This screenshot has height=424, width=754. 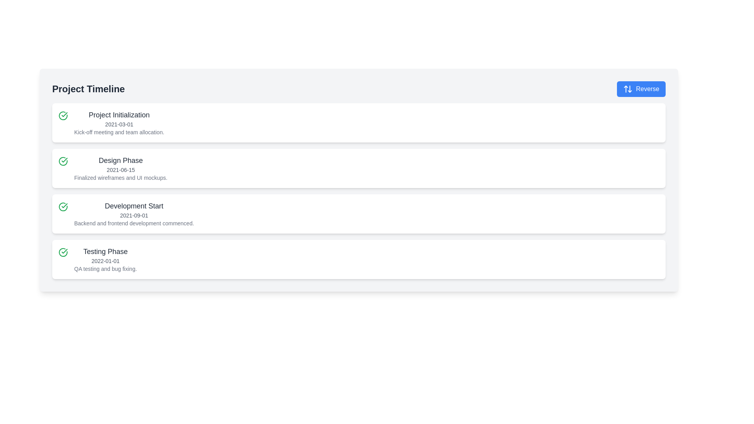 I want to click on circular icon with a green check mark located at the top-left corner of the 'Testing Phase' card, so click(x=63, y=252).